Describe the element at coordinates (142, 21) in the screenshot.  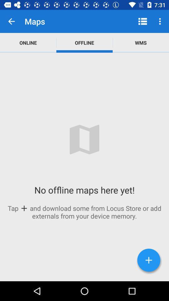
I see `the icon above the wms item` at that location.